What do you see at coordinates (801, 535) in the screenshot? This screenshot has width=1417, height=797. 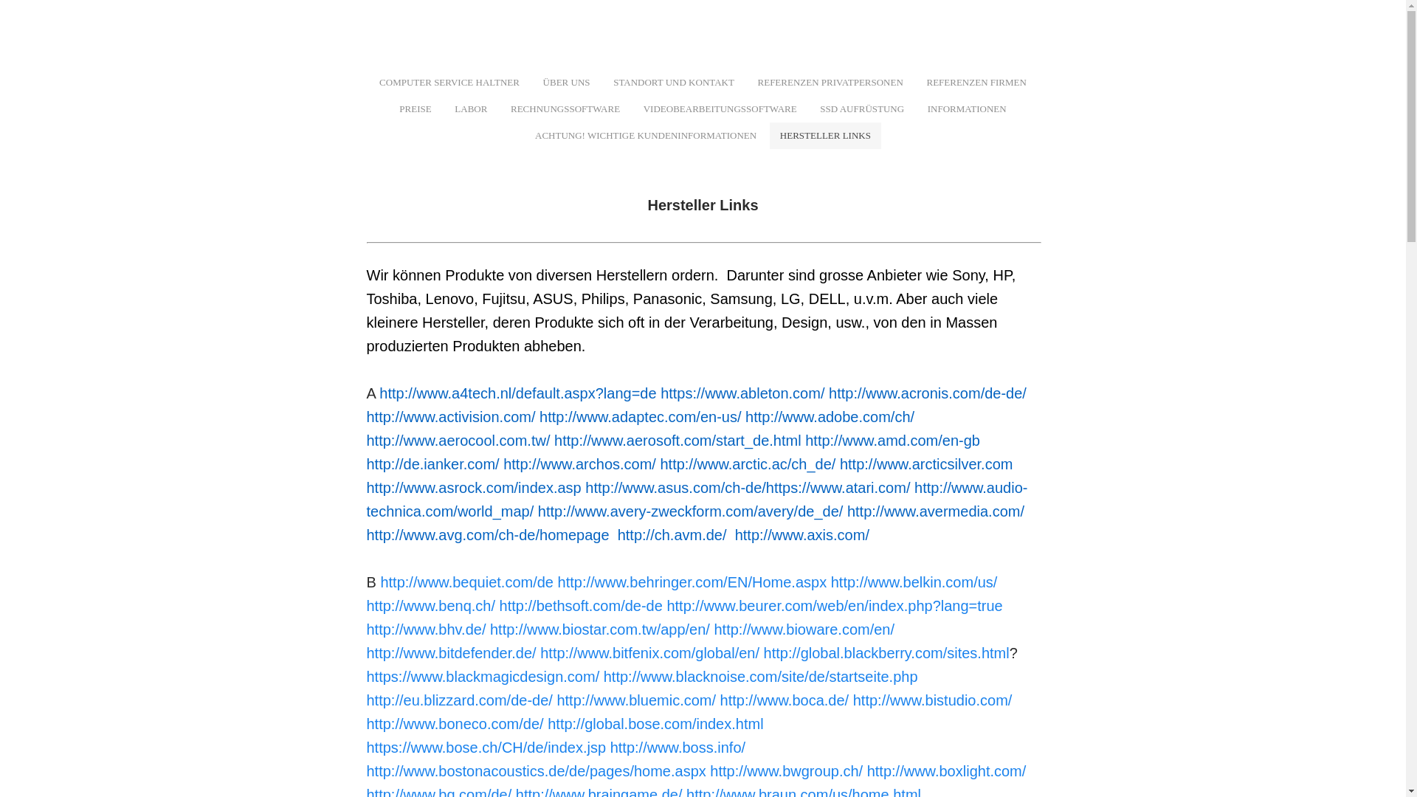 I see `'http://www.axis.com/'` at bounding box center [801, 535].